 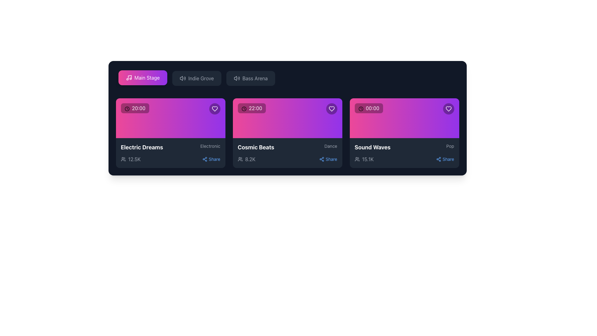 I want to click on the heart icon button located at the top-right corner of the 'Electric Dreams' card, so click(x=215, y=109).